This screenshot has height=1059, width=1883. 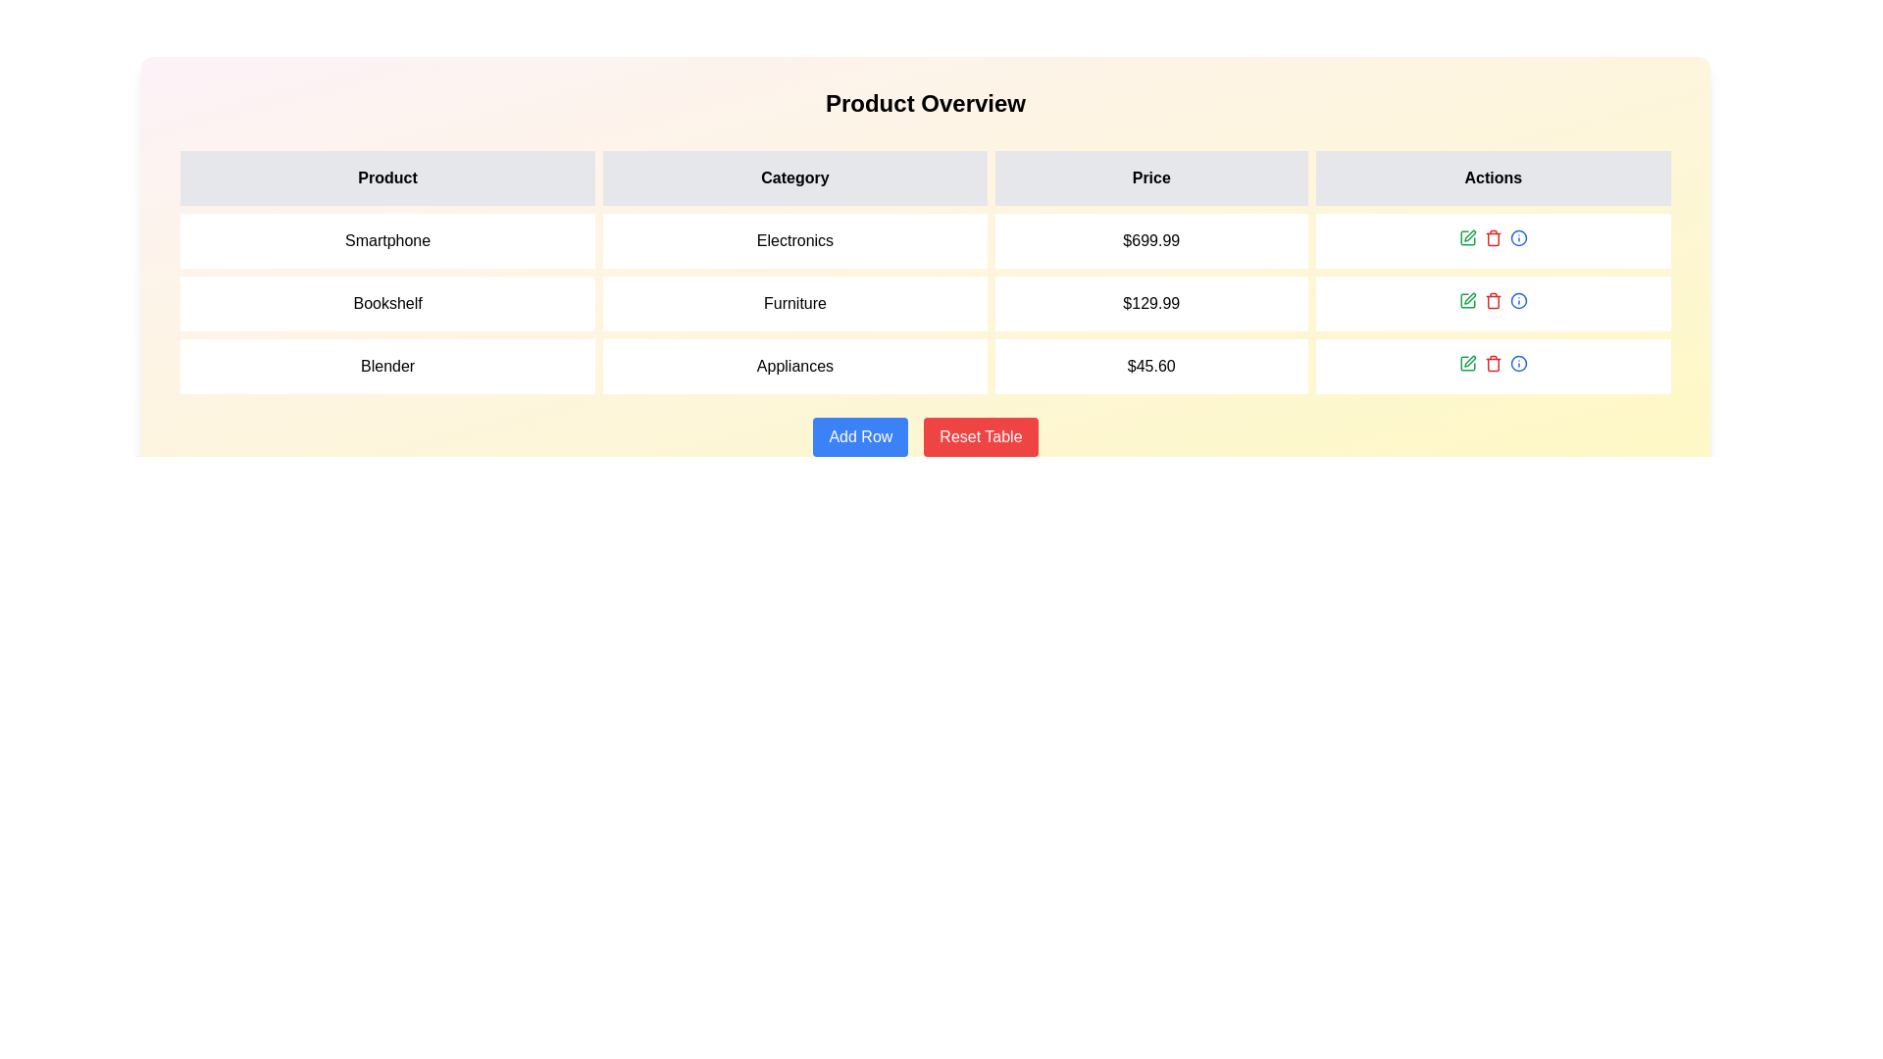 What do you see at coordinates (387, 367) in the screenshot?
I see `the Text Label that identifies a product item located in the leftmost cell of the third row under the 'Product Overview' section` at bounding box center [387, 367].